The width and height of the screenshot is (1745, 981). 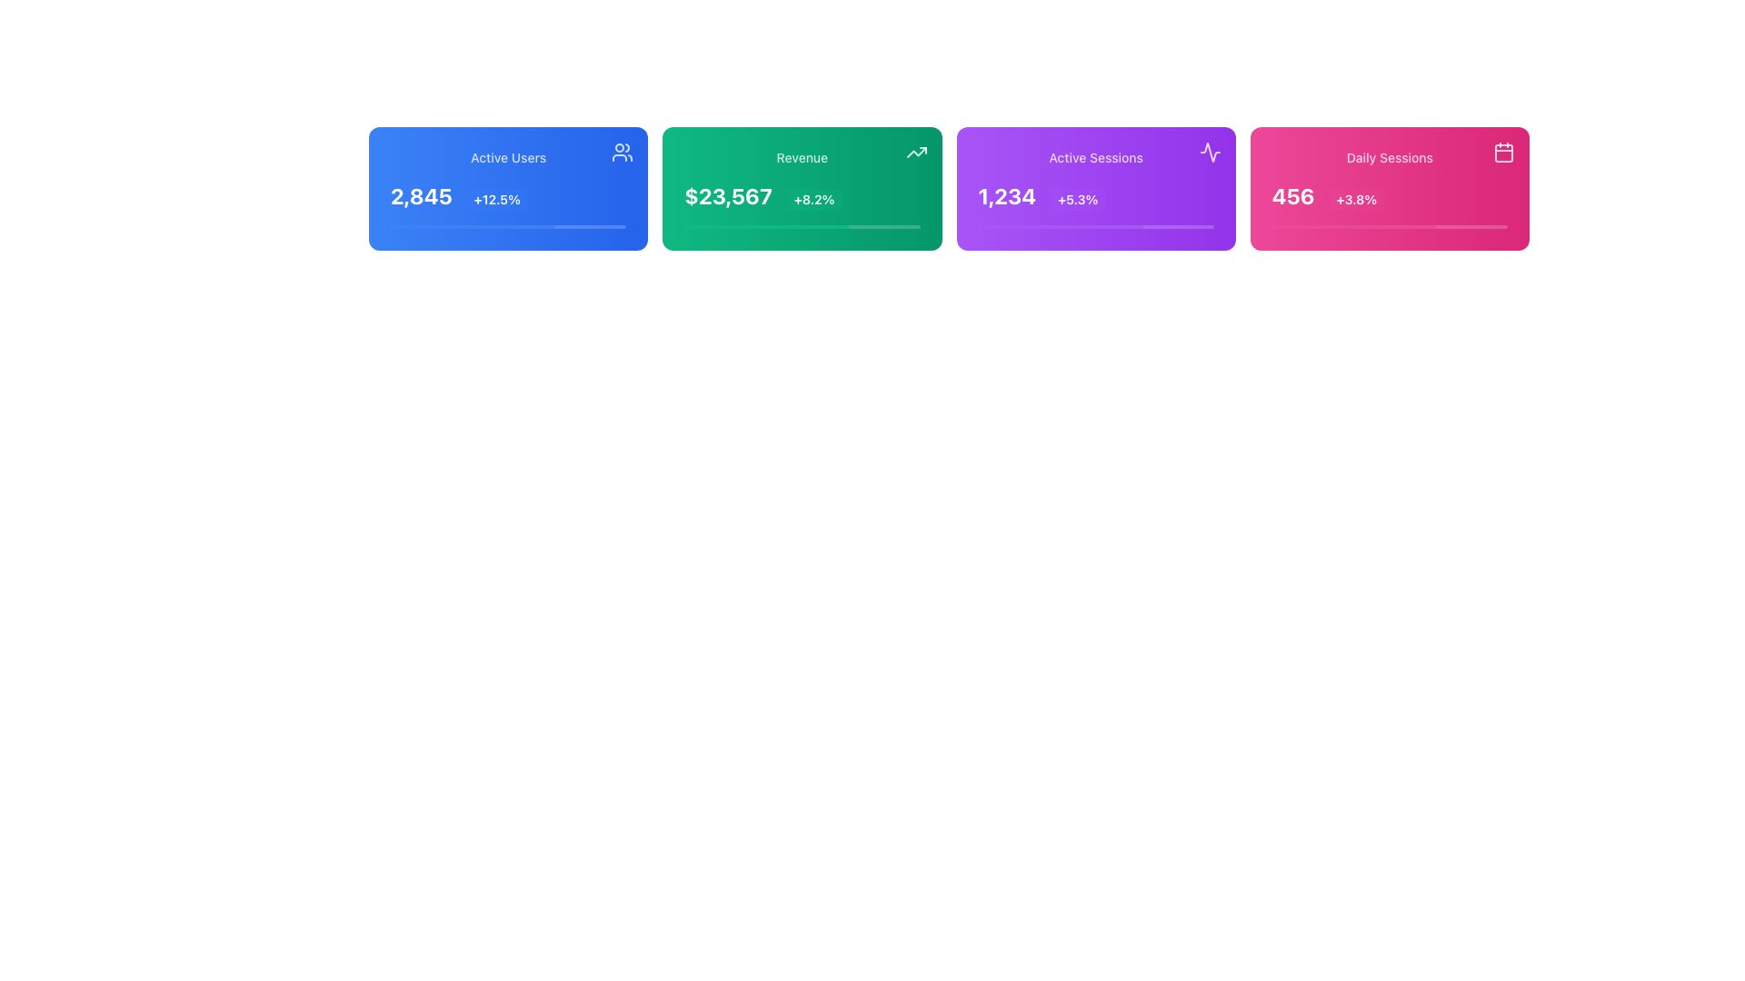 What do you see at coordinates (1095, 226) in the screenshot?
I see `the horizontal progress bar at the bottom of the 'Active Sessions' card, which is filled with purple indicating a progress level of 70%` at bounding box center [1095, 226].